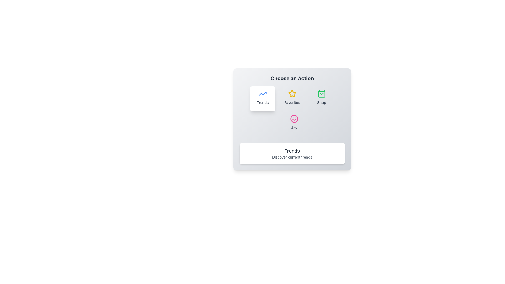 The height and width of the screenshot is (284, 505). What do you see at coordinates (292, 102) in the screenshot?
I see `text label 'Favorites' which is visually associated with a yellow star icon above it, located near the center of the interface` at bounding box center [292, 102].